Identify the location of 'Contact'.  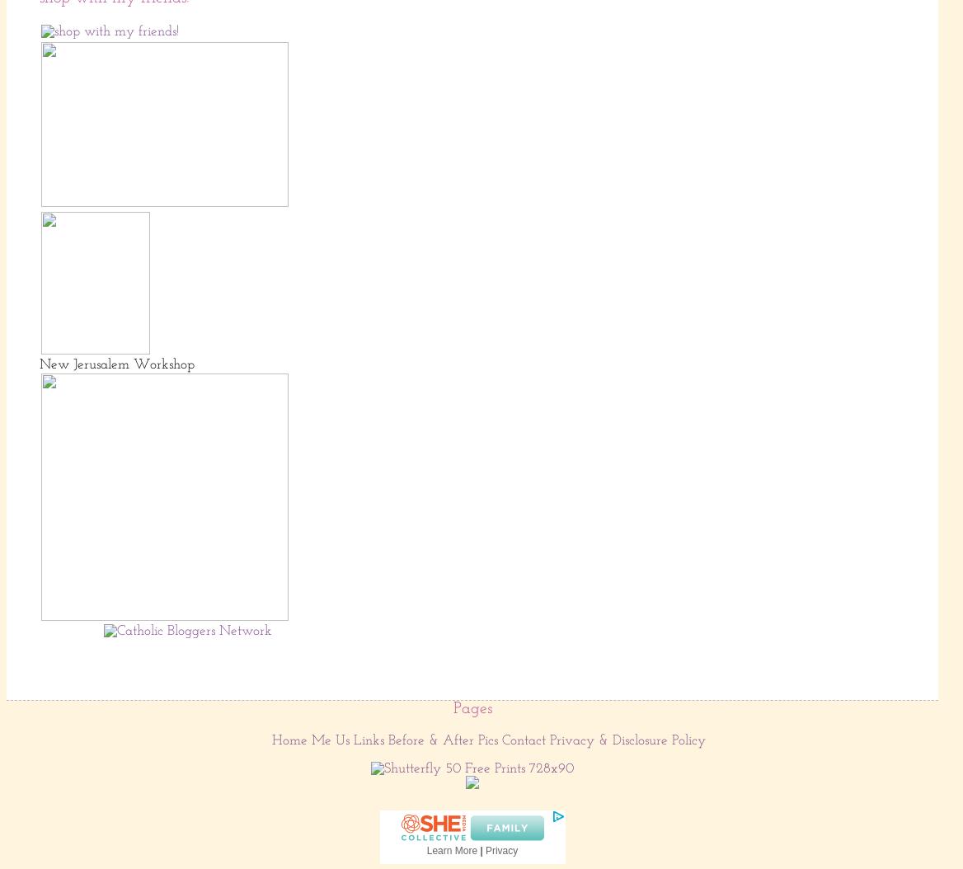
(524, 739).